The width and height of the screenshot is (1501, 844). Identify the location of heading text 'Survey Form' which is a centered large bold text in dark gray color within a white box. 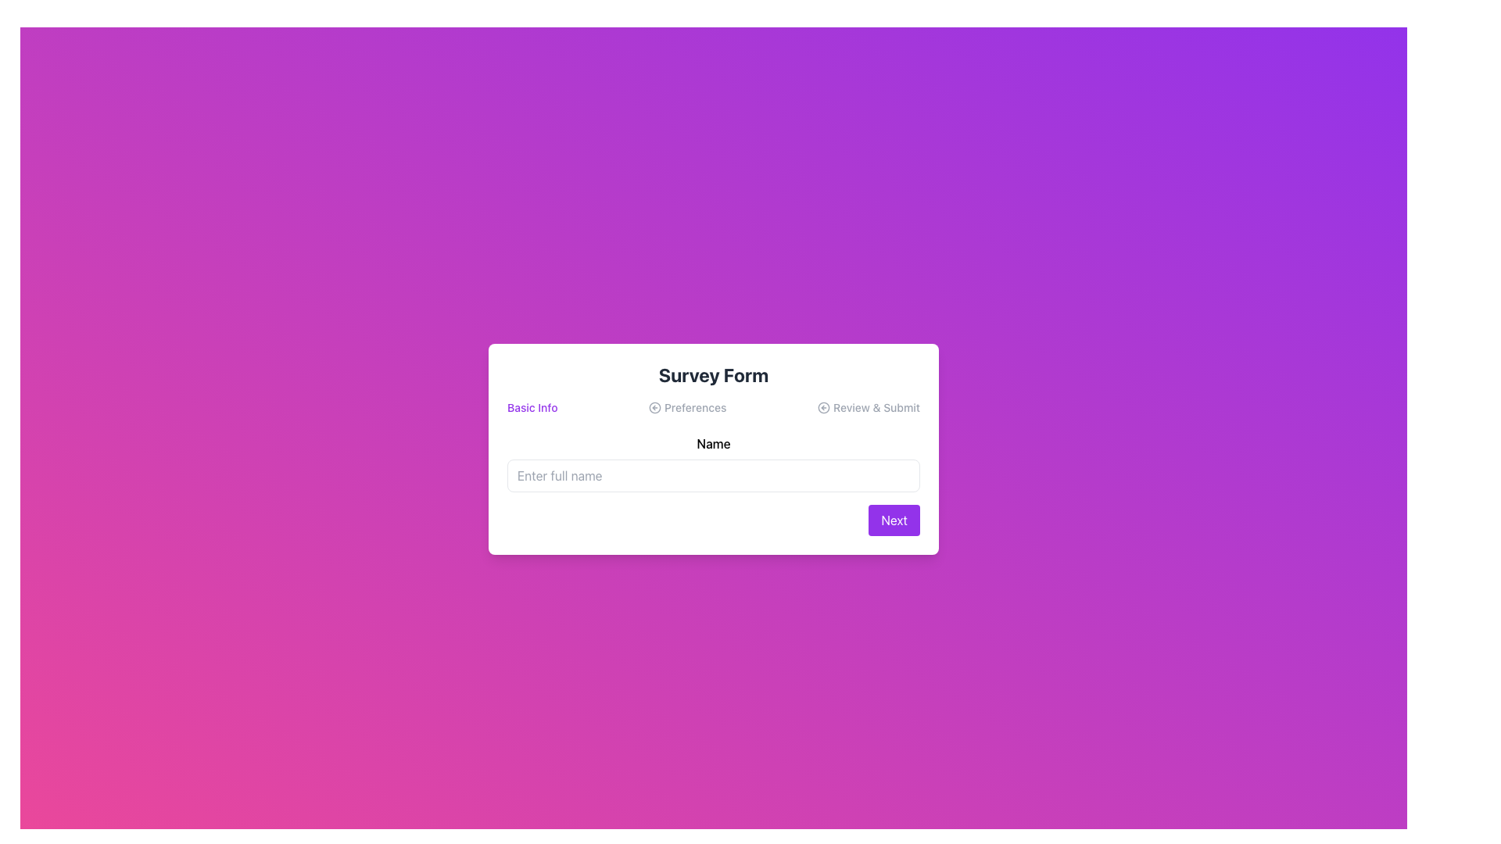
(712, 374).